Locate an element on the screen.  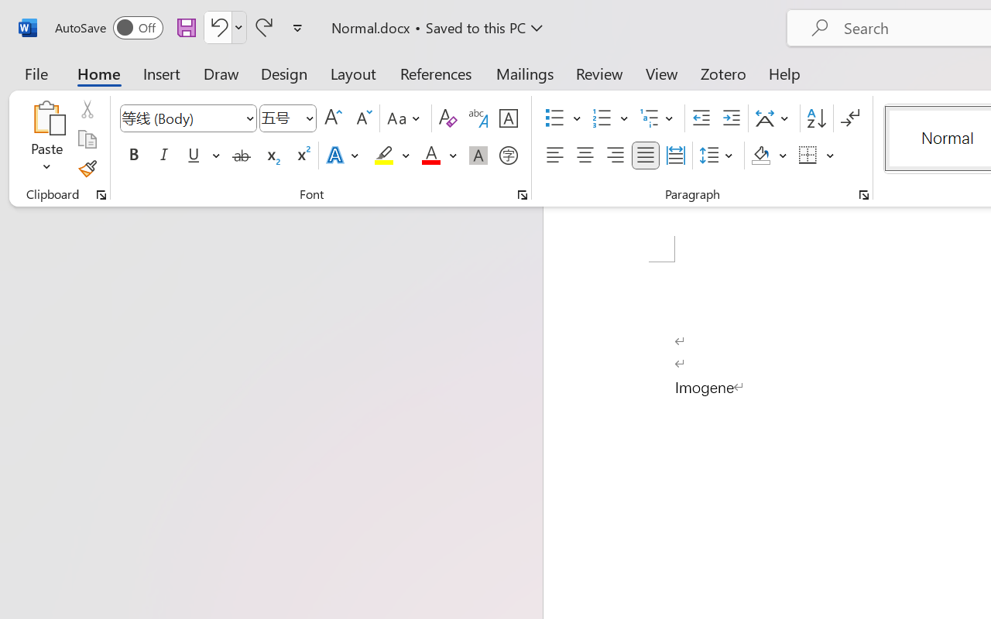
'Enclose Characters...' is located at coordinates (508, 156).